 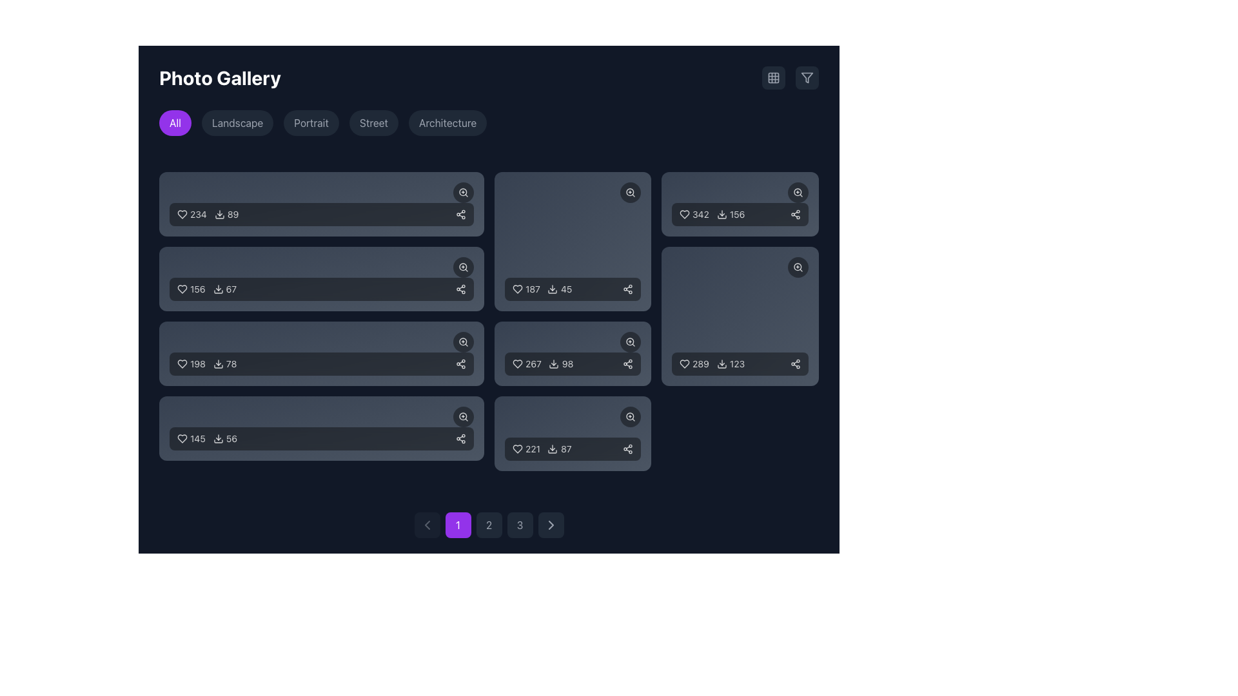 I want to click on the static text label displaying the numerical count of likes or favorites, located in the right column of the grid layout, adjacent to a heart icon, so click(x=700, y=213).